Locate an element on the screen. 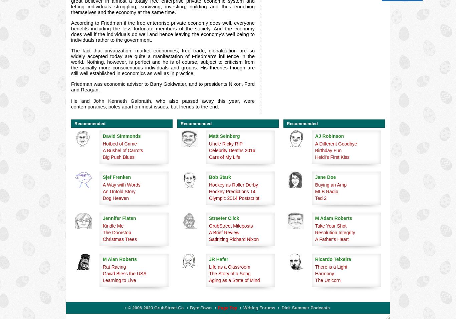 The height and width of the screenshot is (319, 456). 'The Unicorn' is located at coordinates (328, 280).